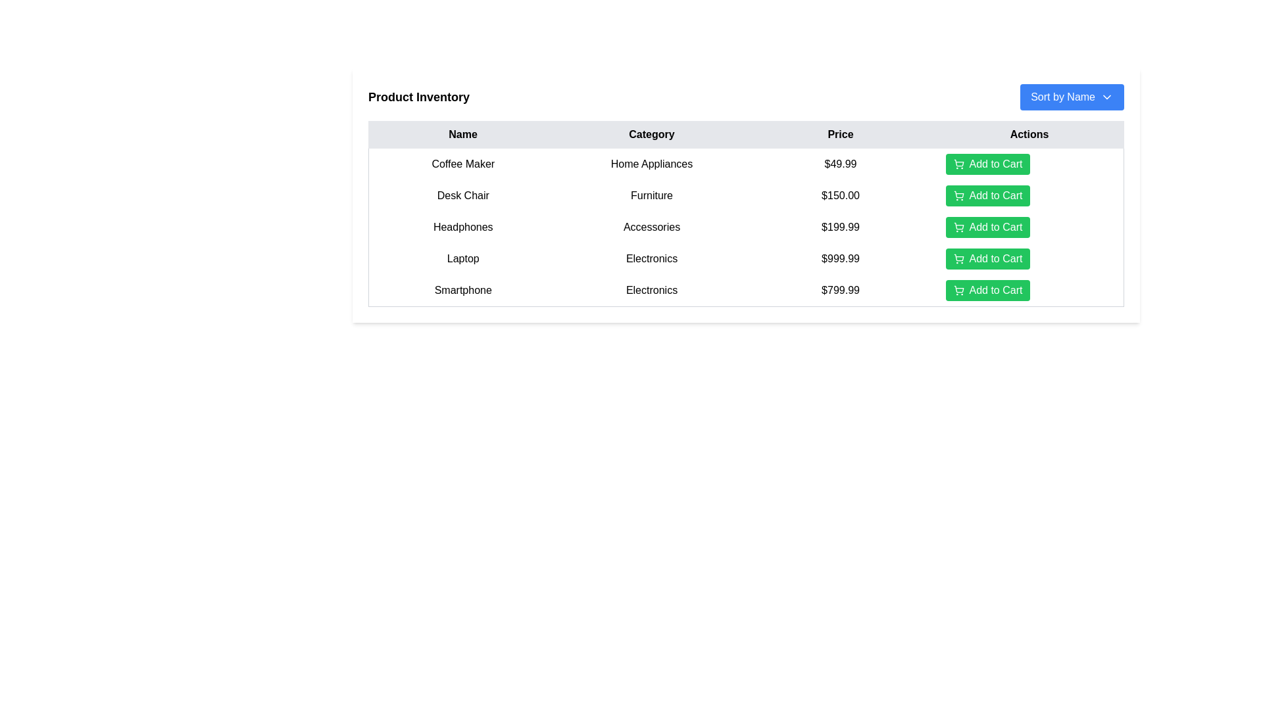  Describe the element at coordinates (839, 258) in the screenshot. I see `the price label displaying '$999.99' located in the 'Price' column of the table corresponding to the 'Laptop' row` at that location.